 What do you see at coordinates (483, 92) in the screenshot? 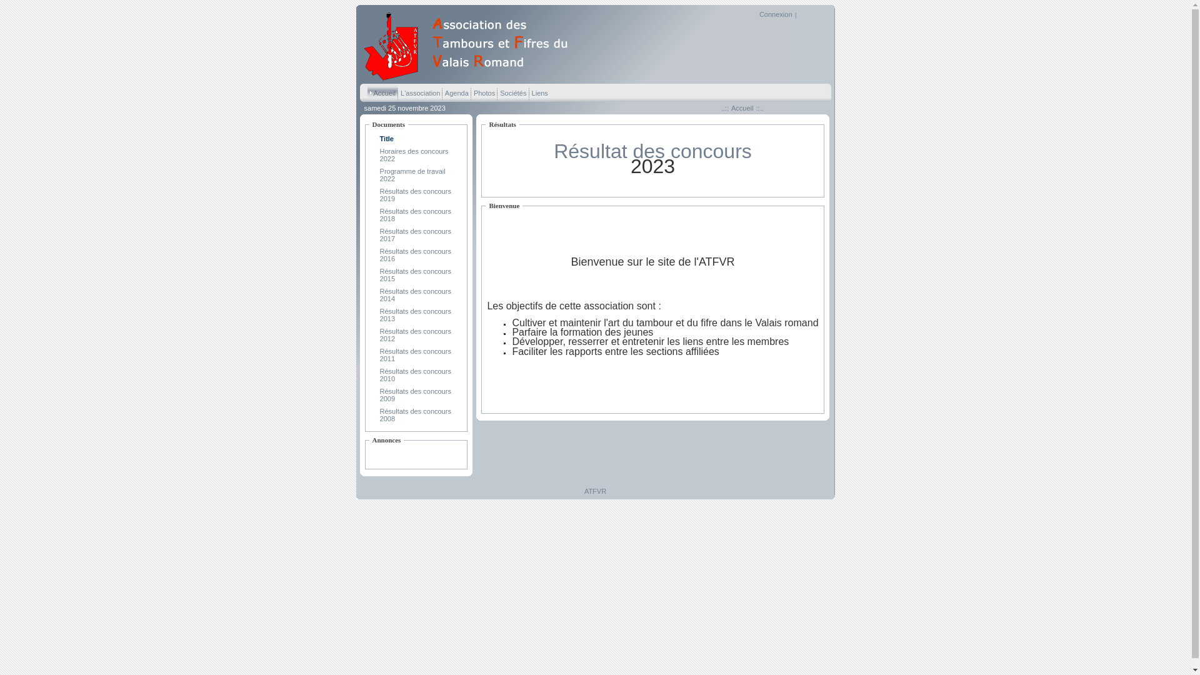
I see `' Photos '` at bounding box center [483, 92].